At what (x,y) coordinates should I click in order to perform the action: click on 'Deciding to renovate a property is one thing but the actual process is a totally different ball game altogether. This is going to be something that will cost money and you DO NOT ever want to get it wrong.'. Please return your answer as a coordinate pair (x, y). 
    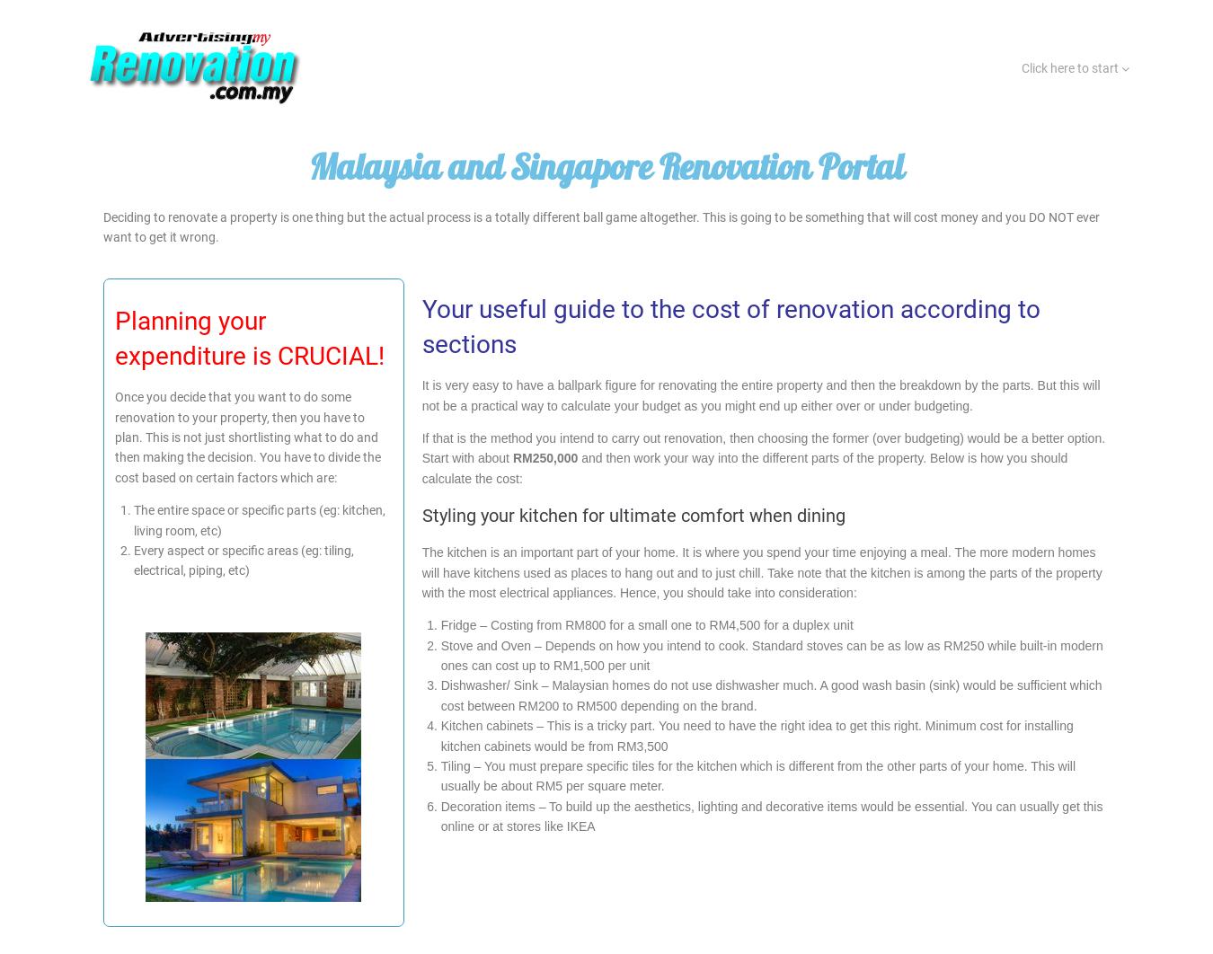
    Looking at the image, I should click on (601, 226).